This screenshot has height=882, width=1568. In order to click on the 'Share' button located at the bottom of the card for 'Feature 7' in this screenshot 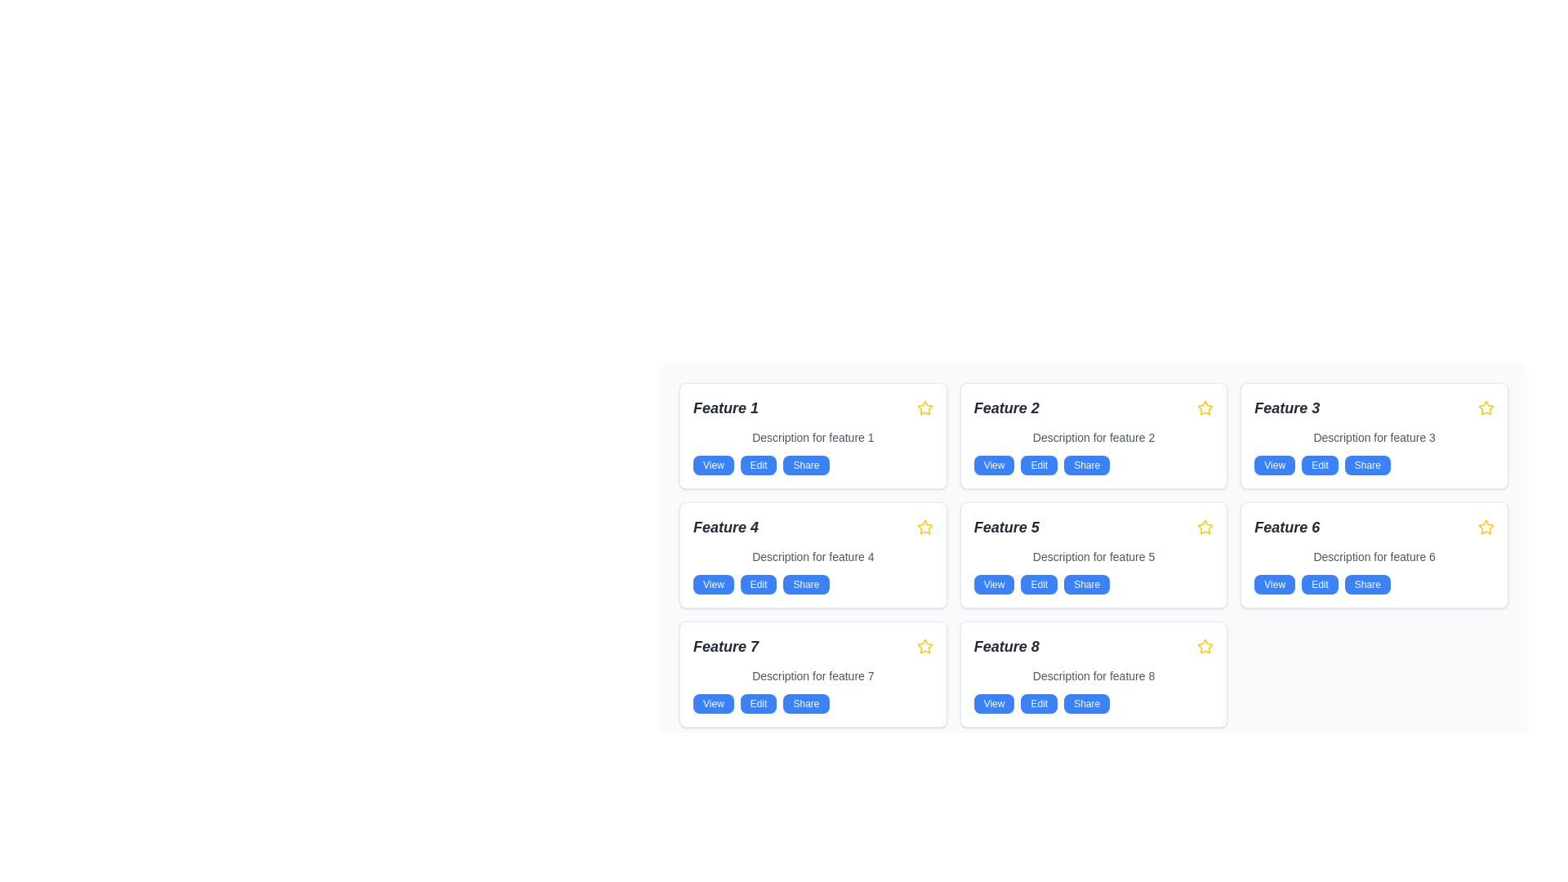, I will do `click(806, 702)`.